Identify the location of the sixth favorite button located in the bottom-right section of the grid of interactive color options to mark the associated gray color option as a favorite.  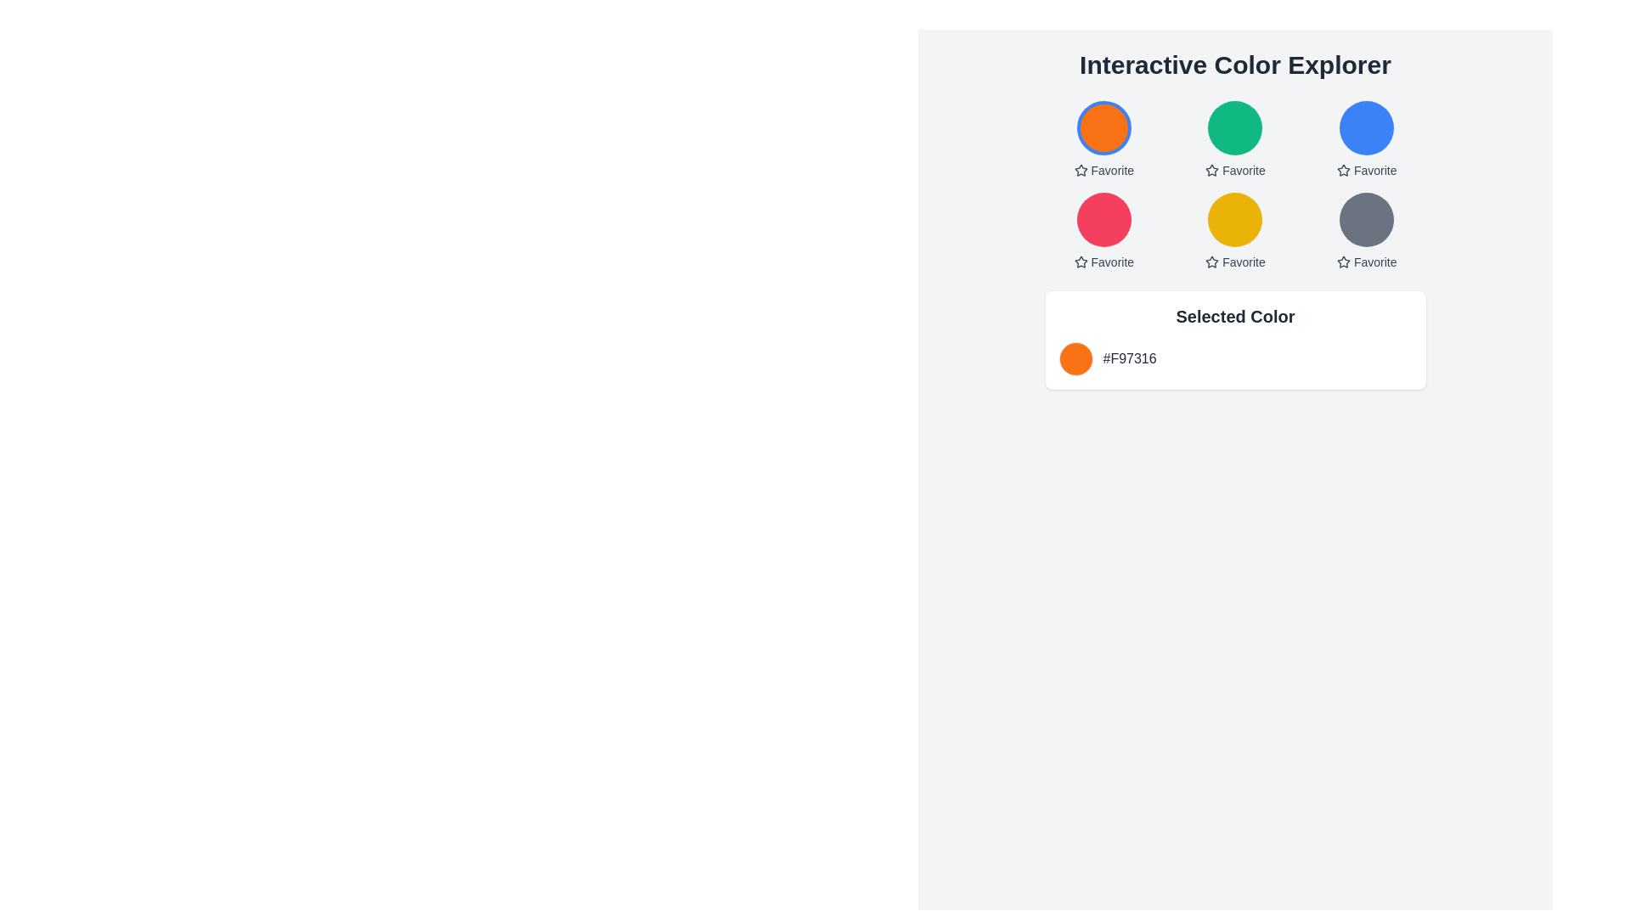
(1367, 262).